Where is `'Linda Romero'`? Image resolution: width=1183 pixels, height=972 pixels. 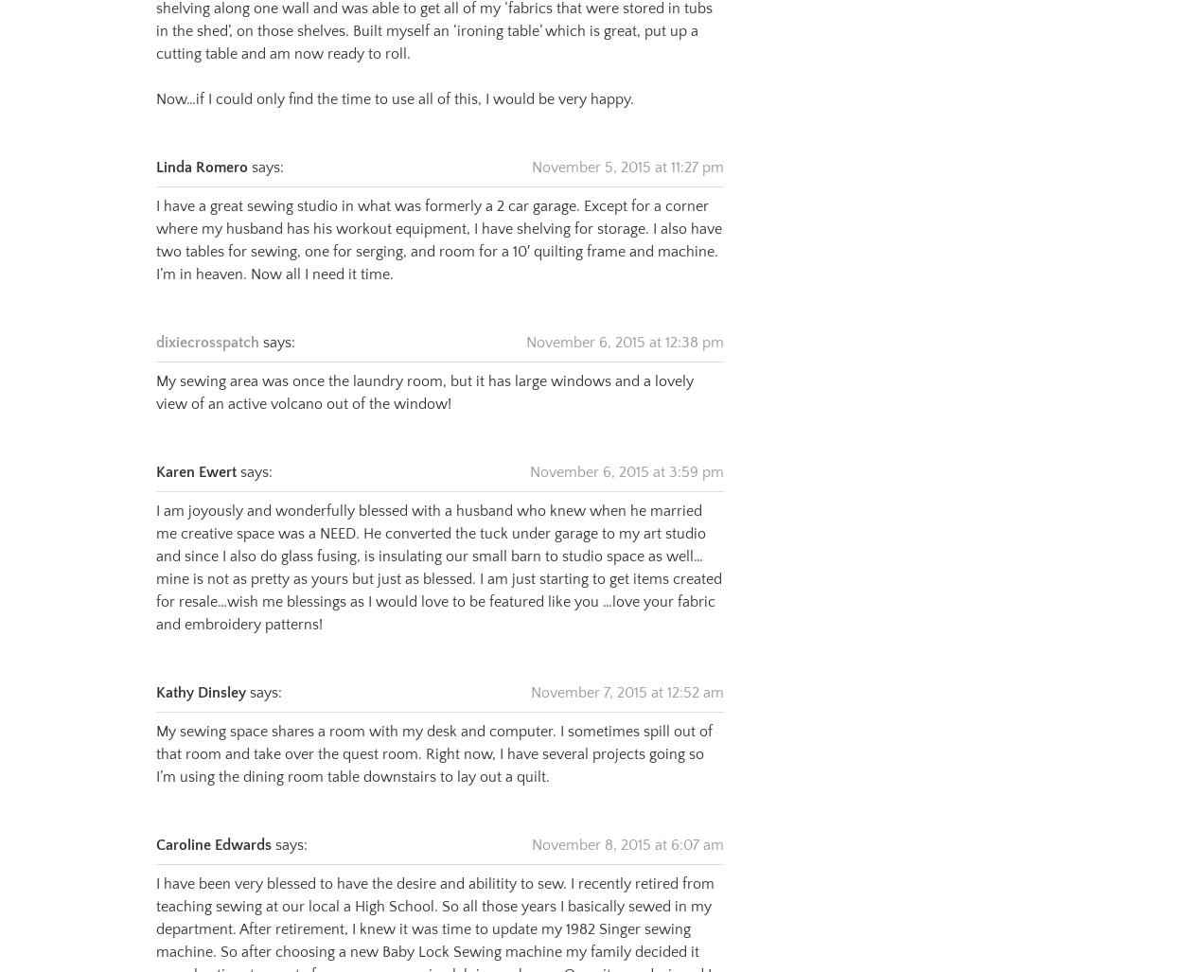
'Linda Romero' is located at coordinates (201, 143).